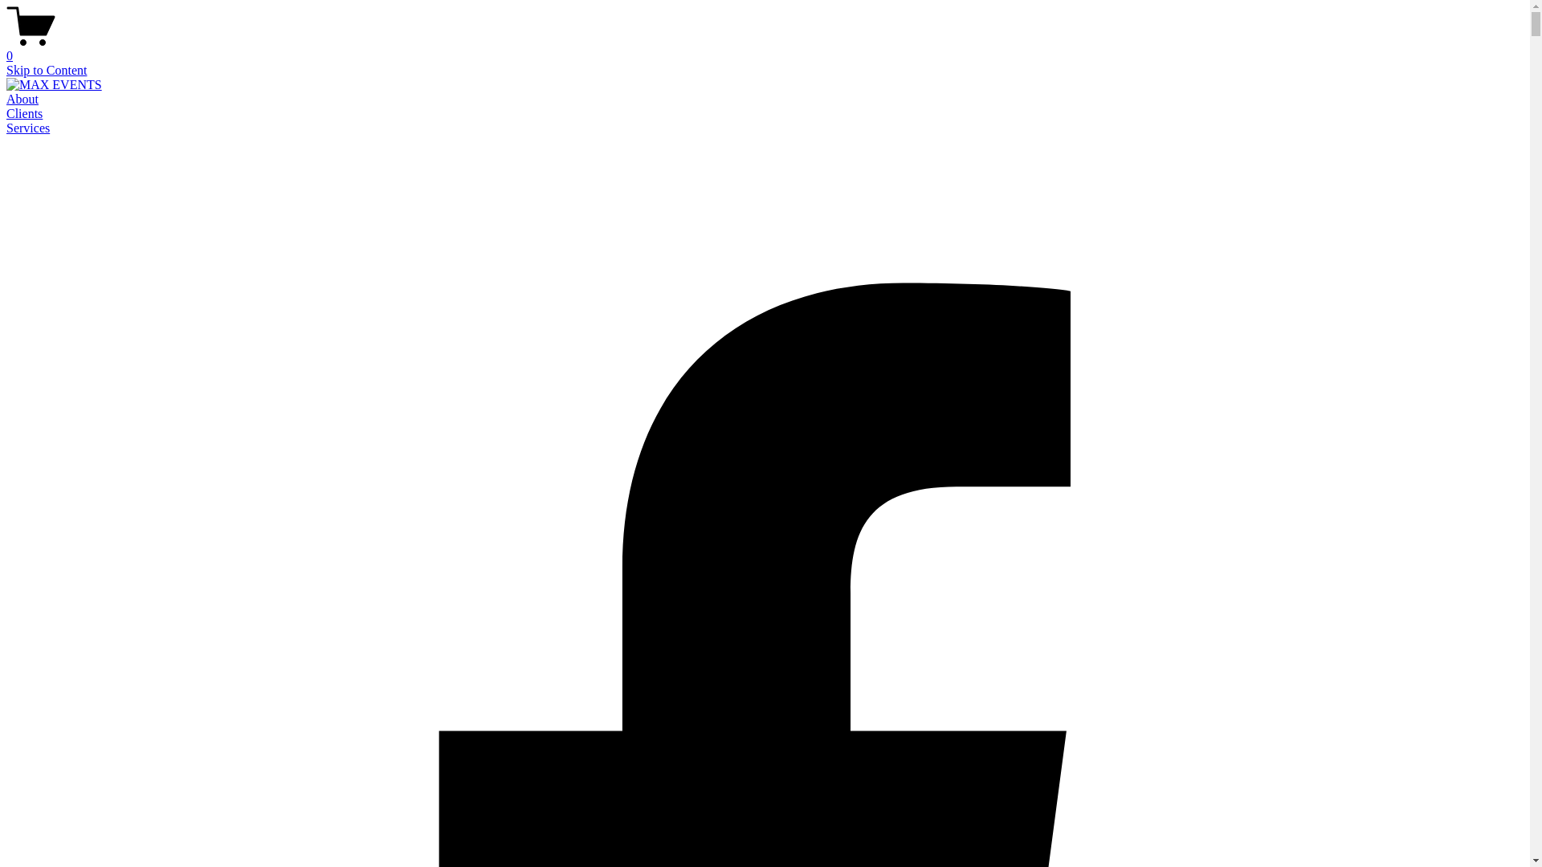 Image resolution: width=1542 pixels, height=867 pixels. Describe the element at coordinates (764, 48) in the screenshot. I see `'0'` at that location.